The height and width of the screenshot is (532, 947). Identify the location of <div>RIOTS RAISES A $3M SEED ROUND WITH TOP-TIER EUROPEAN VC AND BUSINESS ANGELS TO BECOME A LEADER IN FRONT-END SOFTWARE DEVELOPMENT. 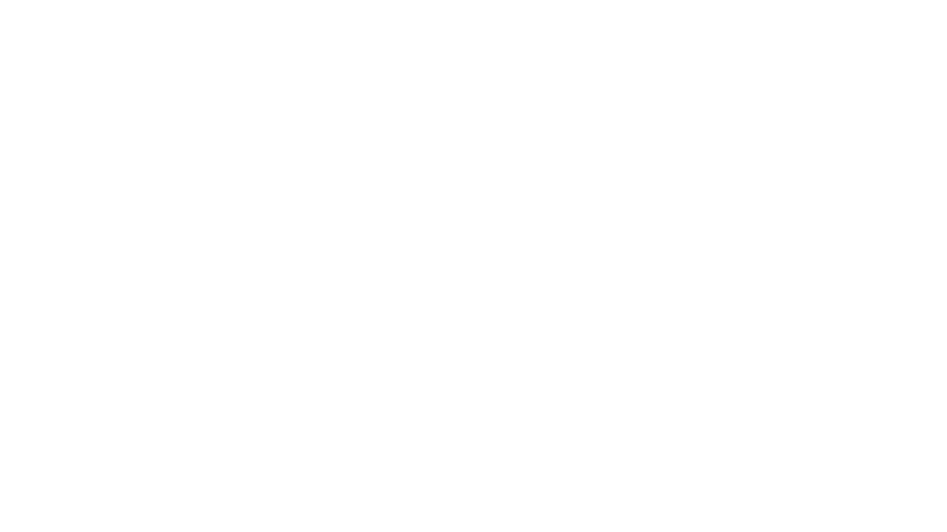
(473, 373).